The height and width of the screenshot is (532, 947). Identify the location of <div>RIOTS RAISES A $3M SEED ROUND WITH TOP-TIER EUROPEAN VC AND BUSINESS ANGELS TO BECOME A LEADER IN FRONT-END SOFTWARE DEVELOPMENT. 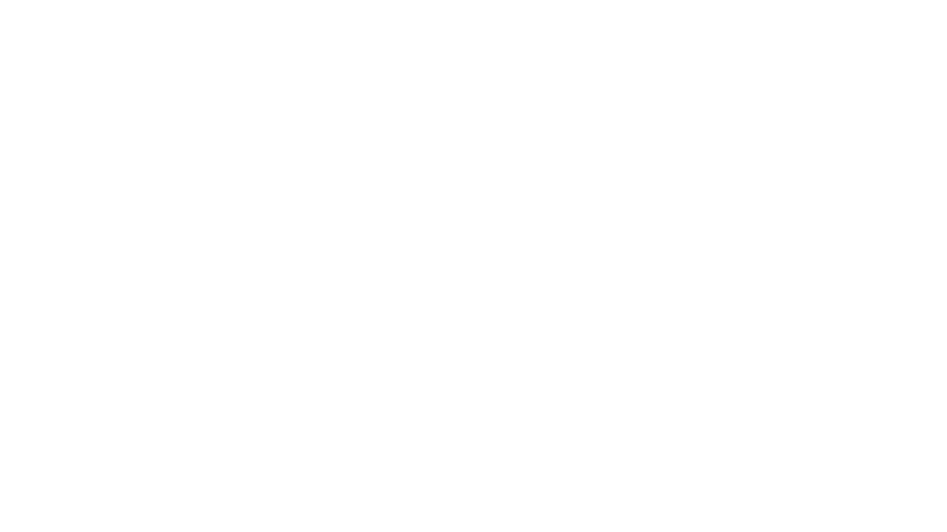
(473, 373).